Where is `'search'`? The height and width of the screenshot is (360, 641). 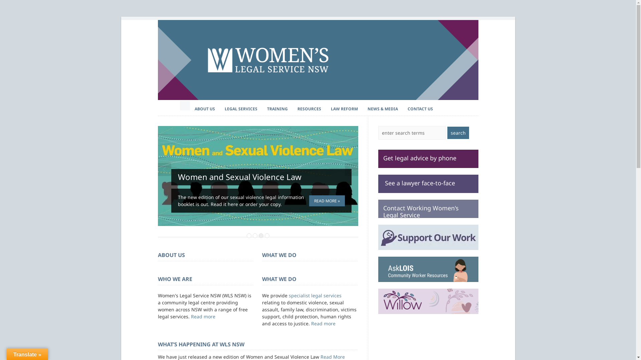
'search' is located at coordinates (458, 133).